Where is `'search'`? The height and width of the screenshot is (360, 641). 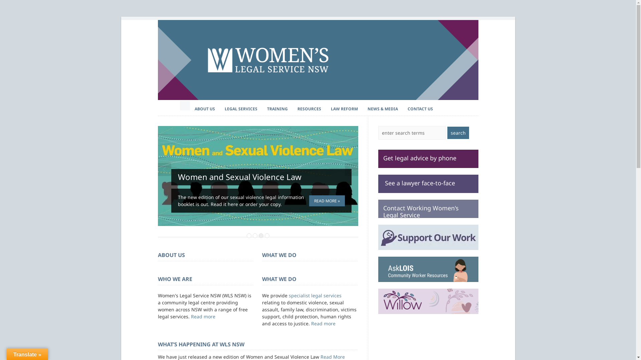
'search' is located at coordinates (458, 133).